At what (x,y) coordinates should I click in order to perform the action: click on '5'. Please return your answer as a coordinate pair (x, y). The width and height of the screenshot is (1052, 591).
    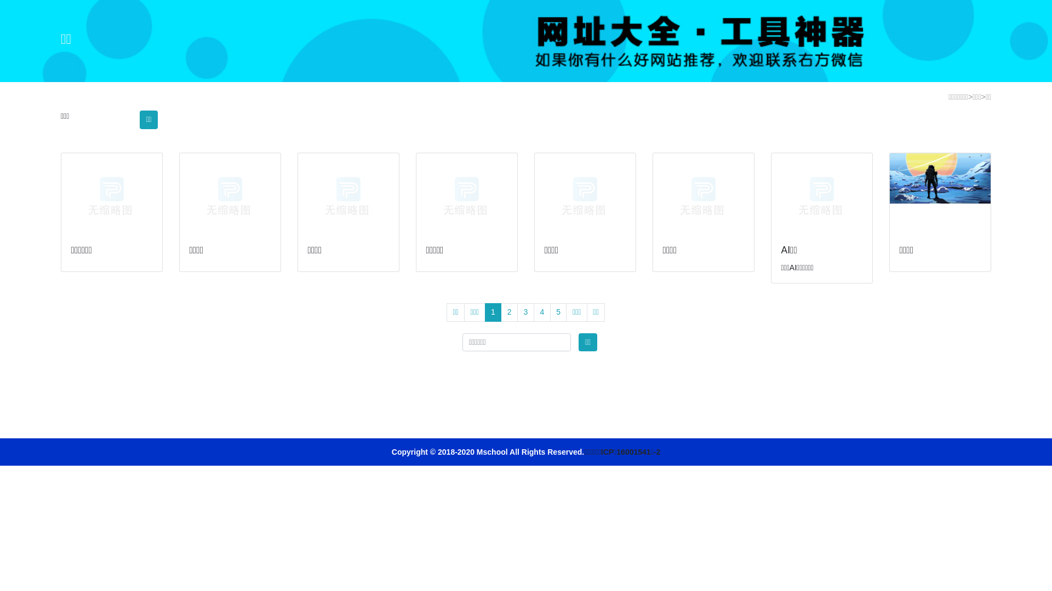
    Looking at the image, I should click on (558, 312).